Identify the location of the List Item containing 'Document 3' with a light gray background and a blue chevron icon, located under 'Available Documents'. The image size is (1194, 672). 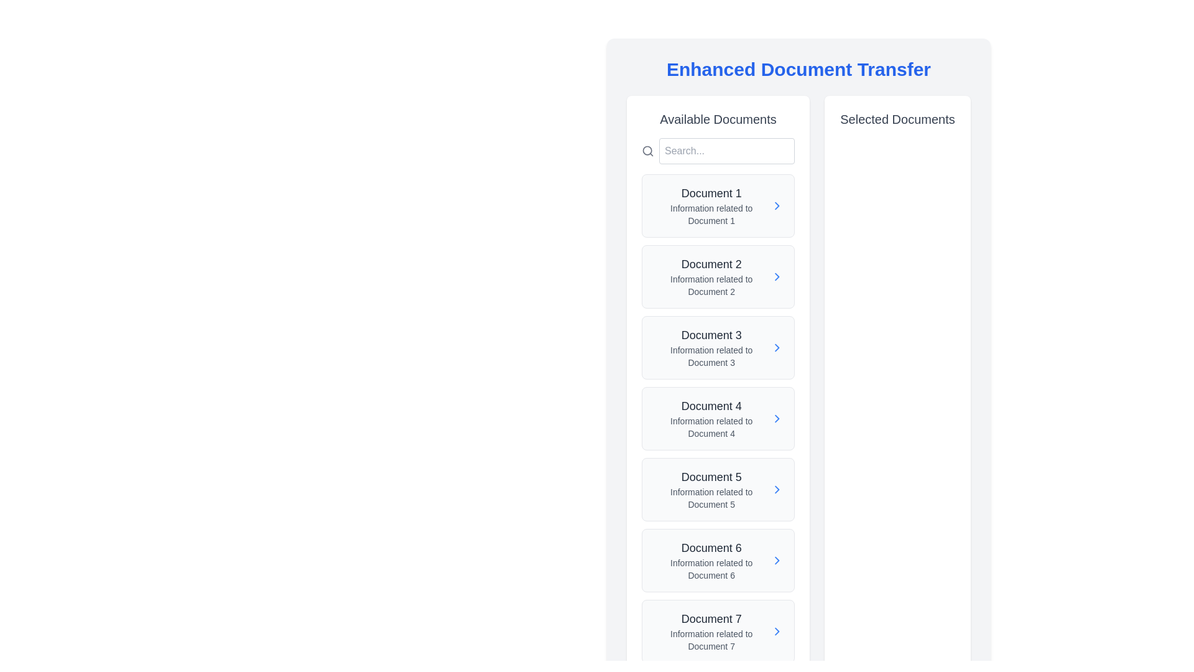
(718, 348).